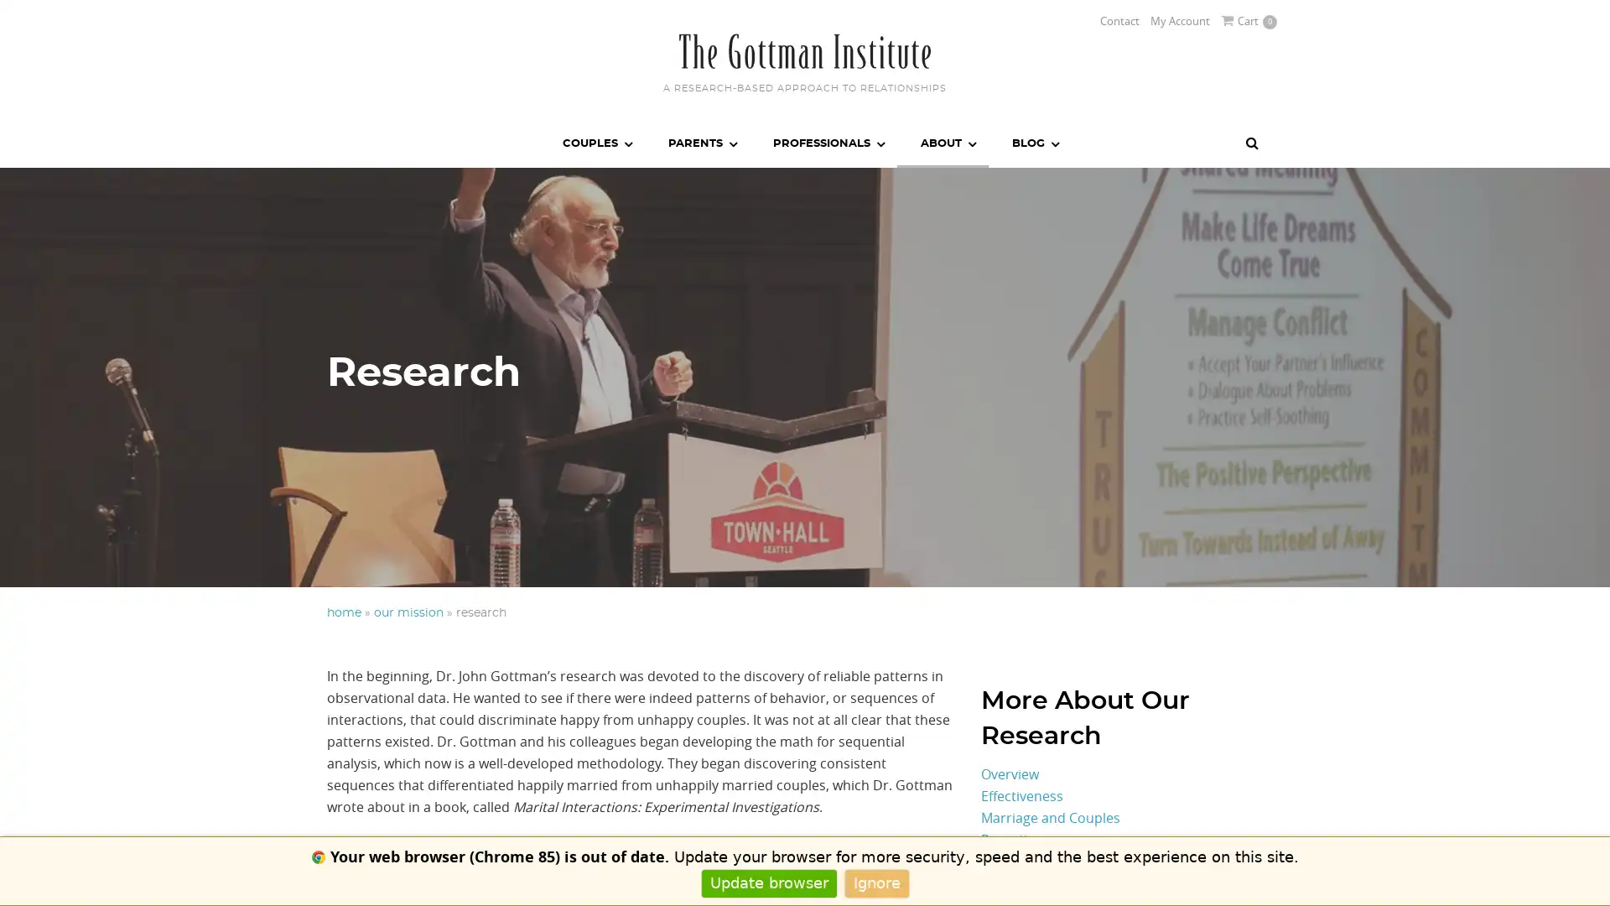 The image size is (1610, 906). Describe the element at coordinates (875, 883) in the screenshot. I see `Ignore` at that location.